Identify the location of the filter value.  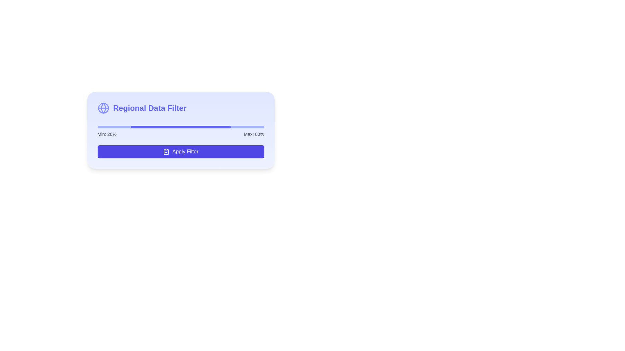
(207, 127).